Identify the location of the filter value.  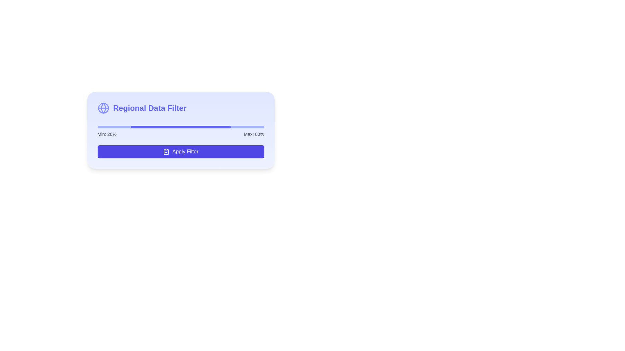
(207, 127).